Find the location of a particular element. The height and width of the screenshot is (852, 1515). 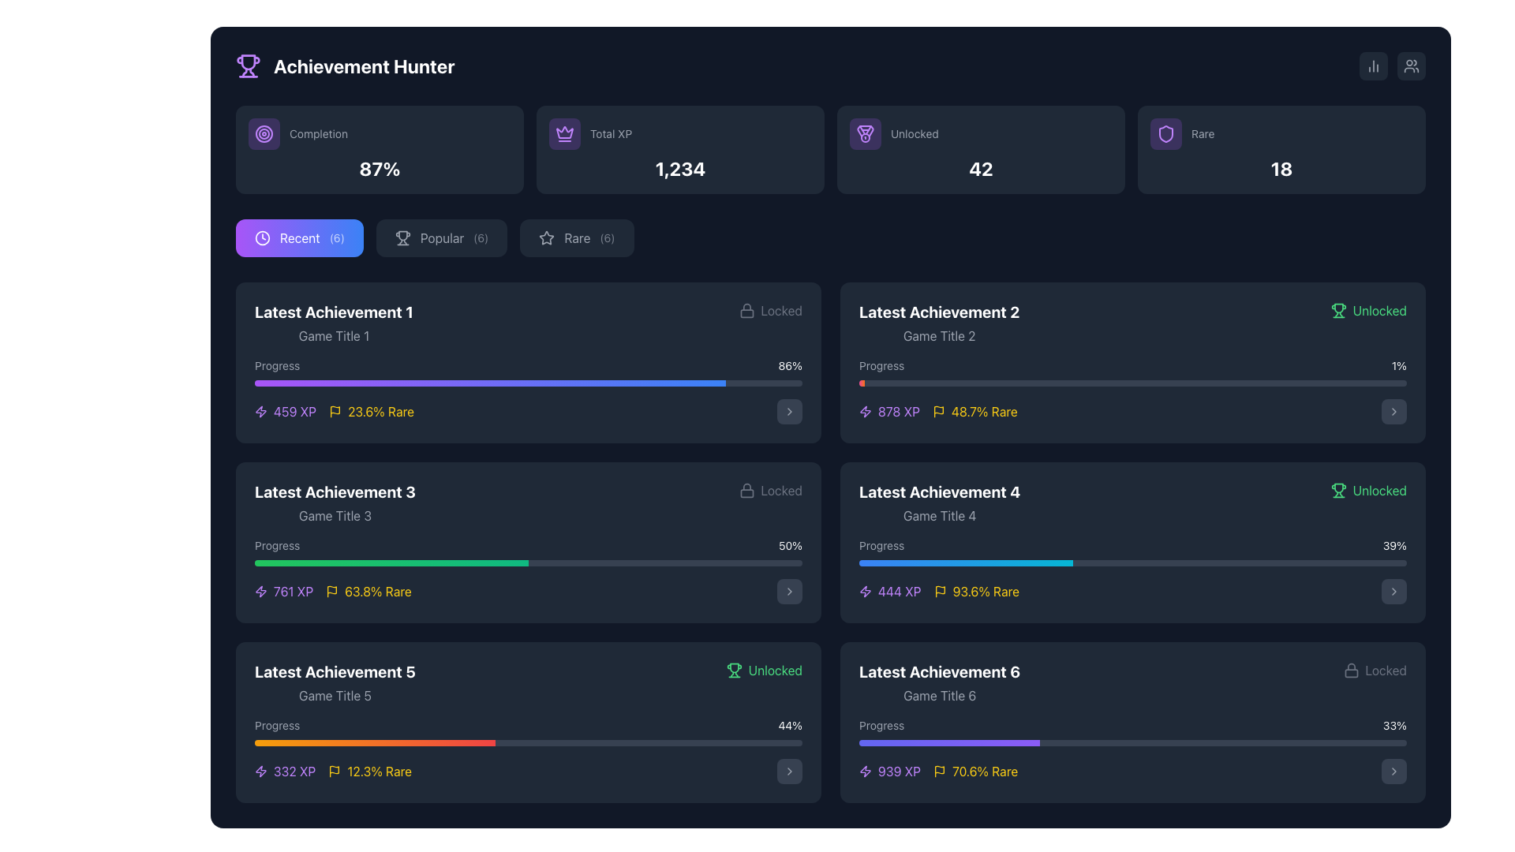

the static text indicating the rarity percentage of the relevant achievement located in the 'Latest Achievement 4' section, positioned to the right of the '444 XP' icon and text is located at coordinates (985, 591).